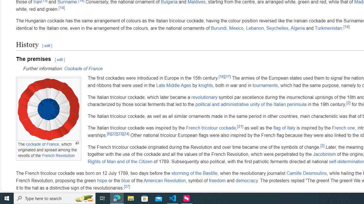  I want to click on '[16]', so click(221, 77).